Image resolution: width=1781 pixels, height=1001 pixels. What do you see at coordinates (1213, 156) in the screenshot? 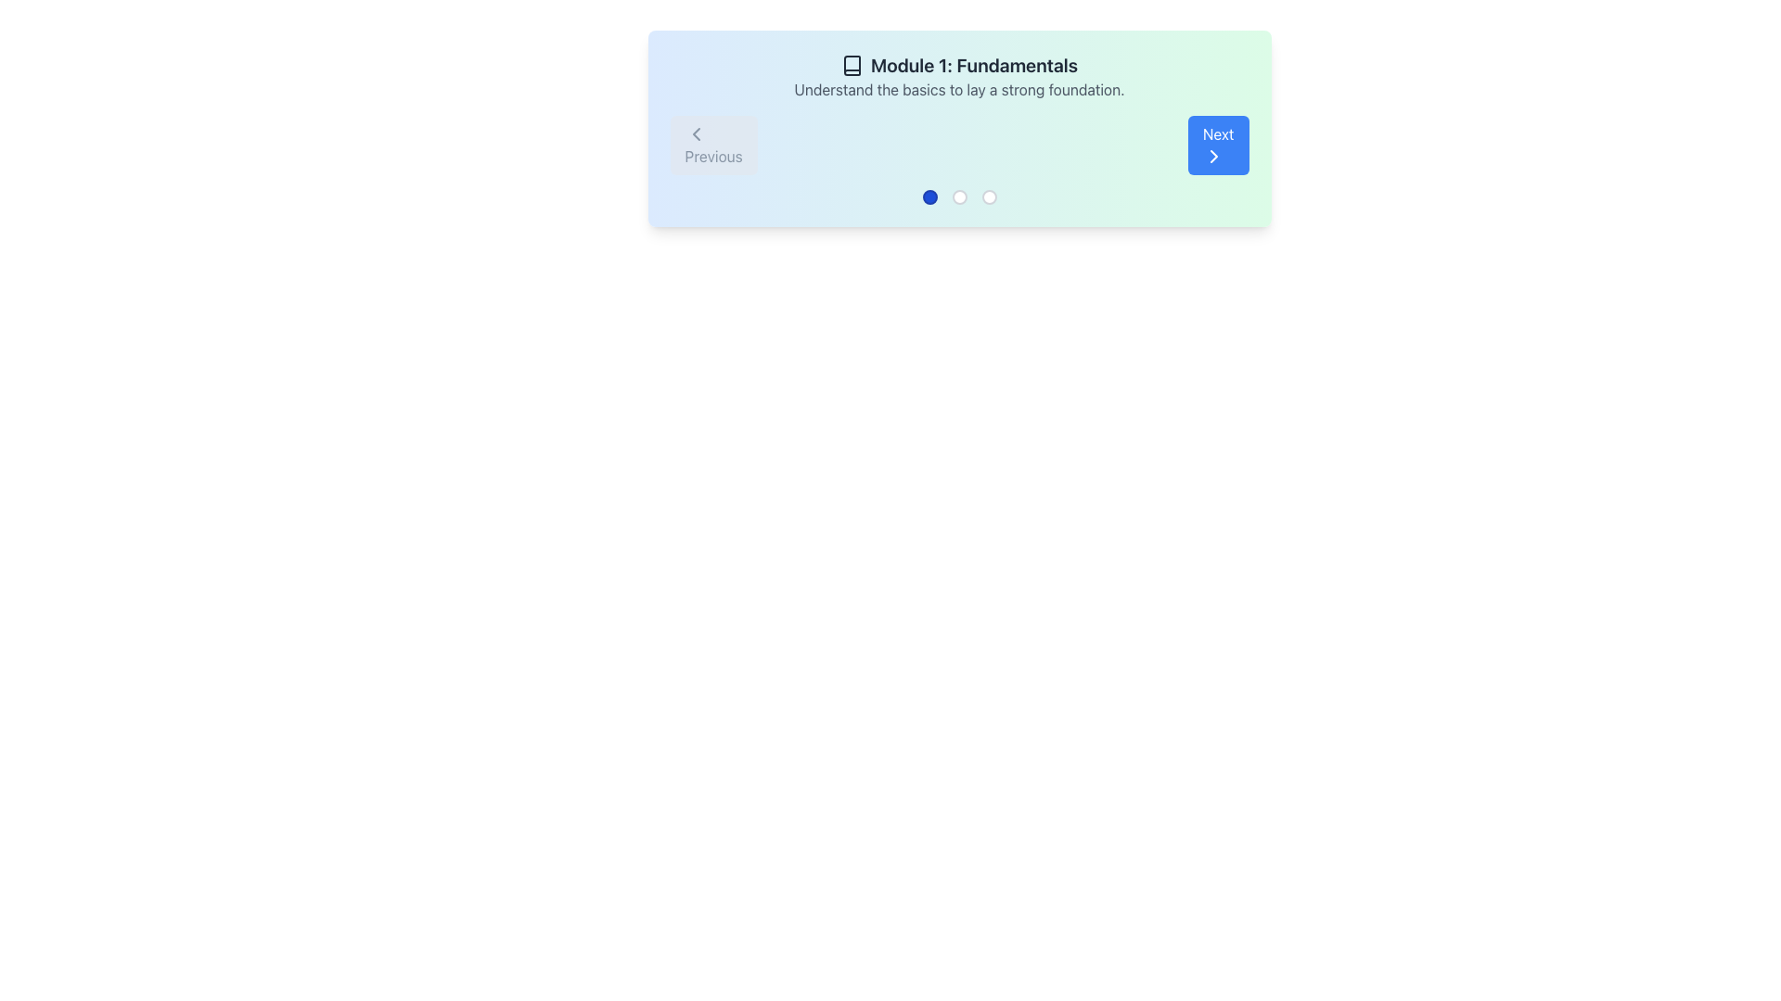
I see `the 'Next' button which features a right-pointing chevron icon on a bold blue background, to proceed to the next module` at bounding box center [1213, 156].